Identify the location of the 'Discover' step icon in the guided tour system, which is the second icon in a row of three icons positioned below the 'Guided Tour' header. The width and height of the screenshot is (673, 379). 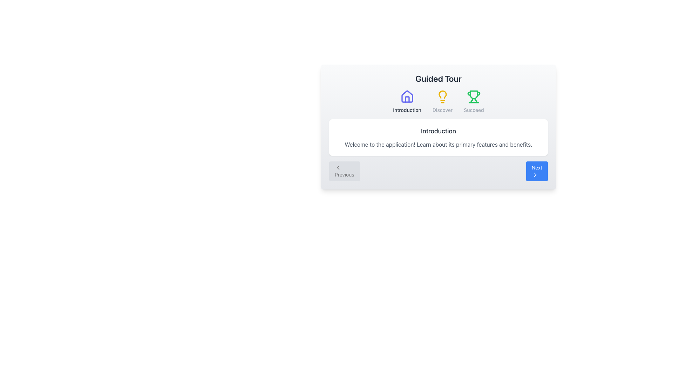
(442, 97).